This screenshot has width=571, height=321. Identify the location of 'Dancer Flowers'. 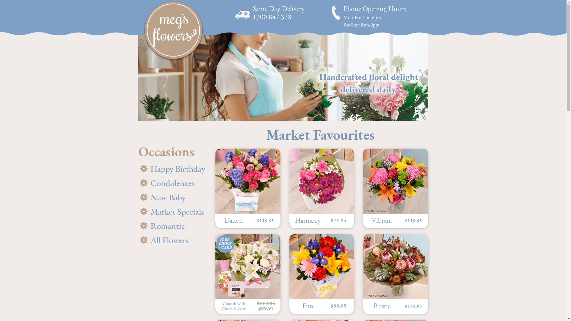
(248, 181).